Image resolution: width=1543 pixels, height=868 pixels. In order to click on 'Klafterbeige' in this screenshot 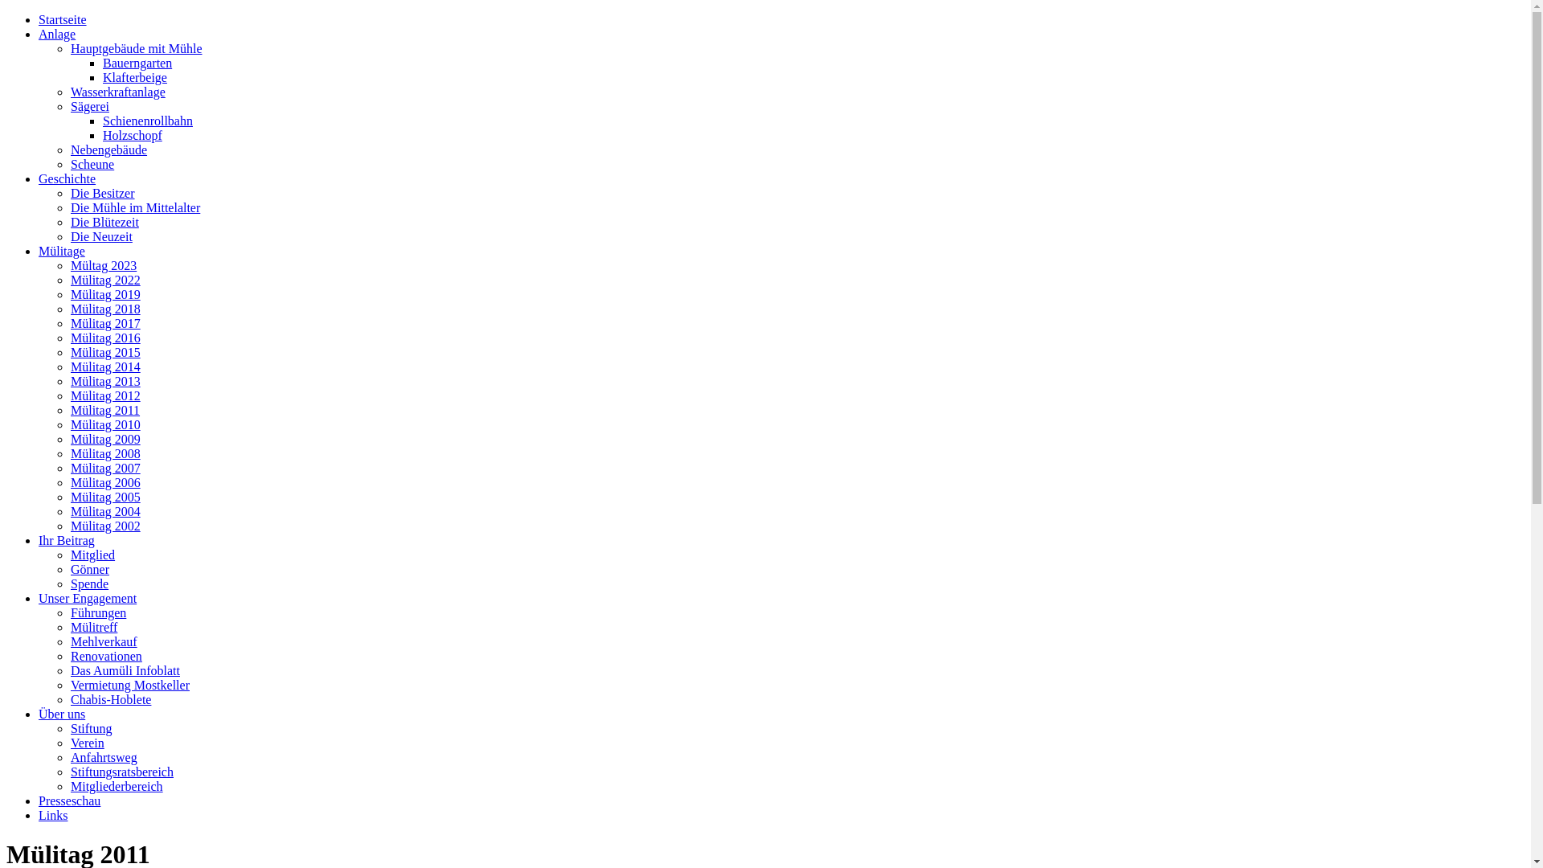, I will do `click(135, 77)`.